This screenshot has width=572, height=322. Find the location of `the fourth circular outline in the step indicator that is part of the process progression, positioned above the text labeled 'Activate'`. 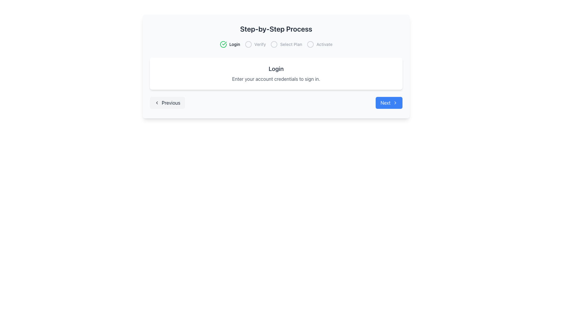

the fourth circular outline in the step indicator that is part of the process progression, positioned above the text labeled 'Activate' is located at coordinates (310, 44).